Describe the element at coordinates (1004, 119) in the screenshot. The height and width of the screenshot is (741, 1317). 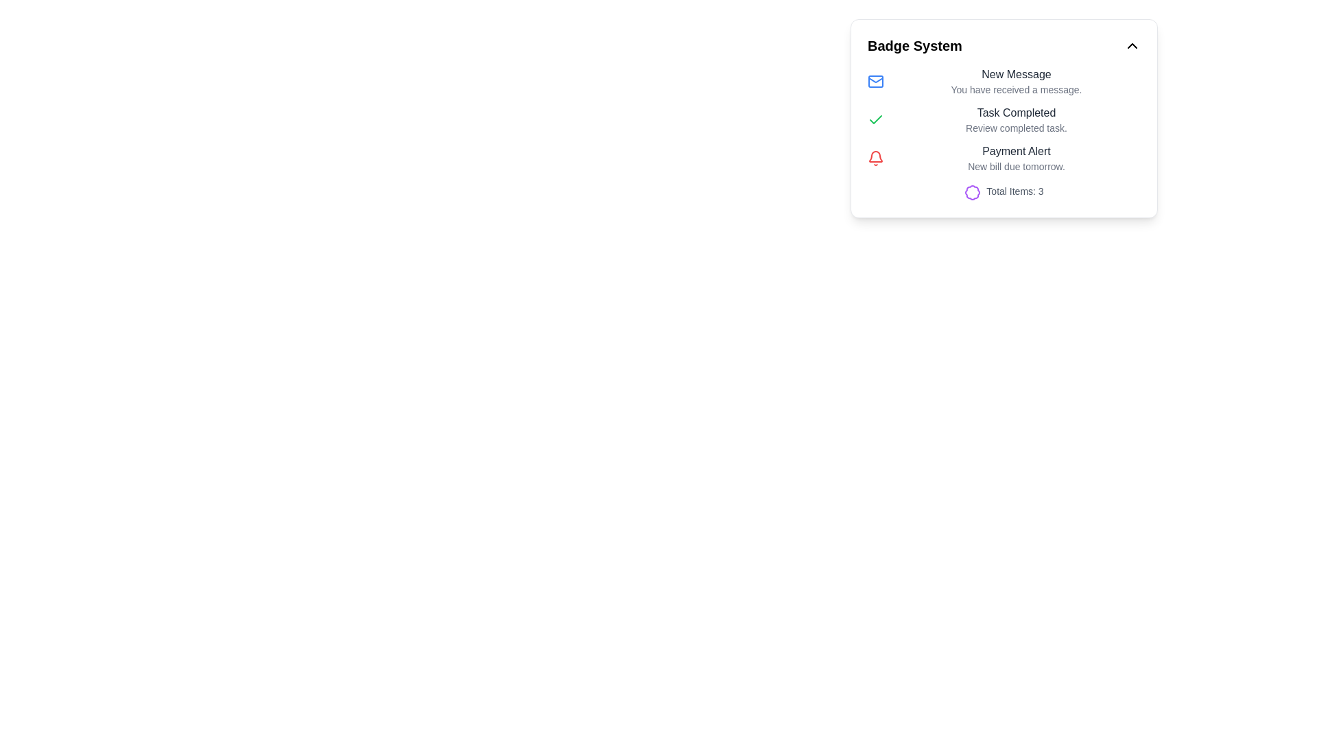
I see `on the notification entry labeled 'Task Completed' that features a green checkmark and a description 'Review completed task.'` at that location.